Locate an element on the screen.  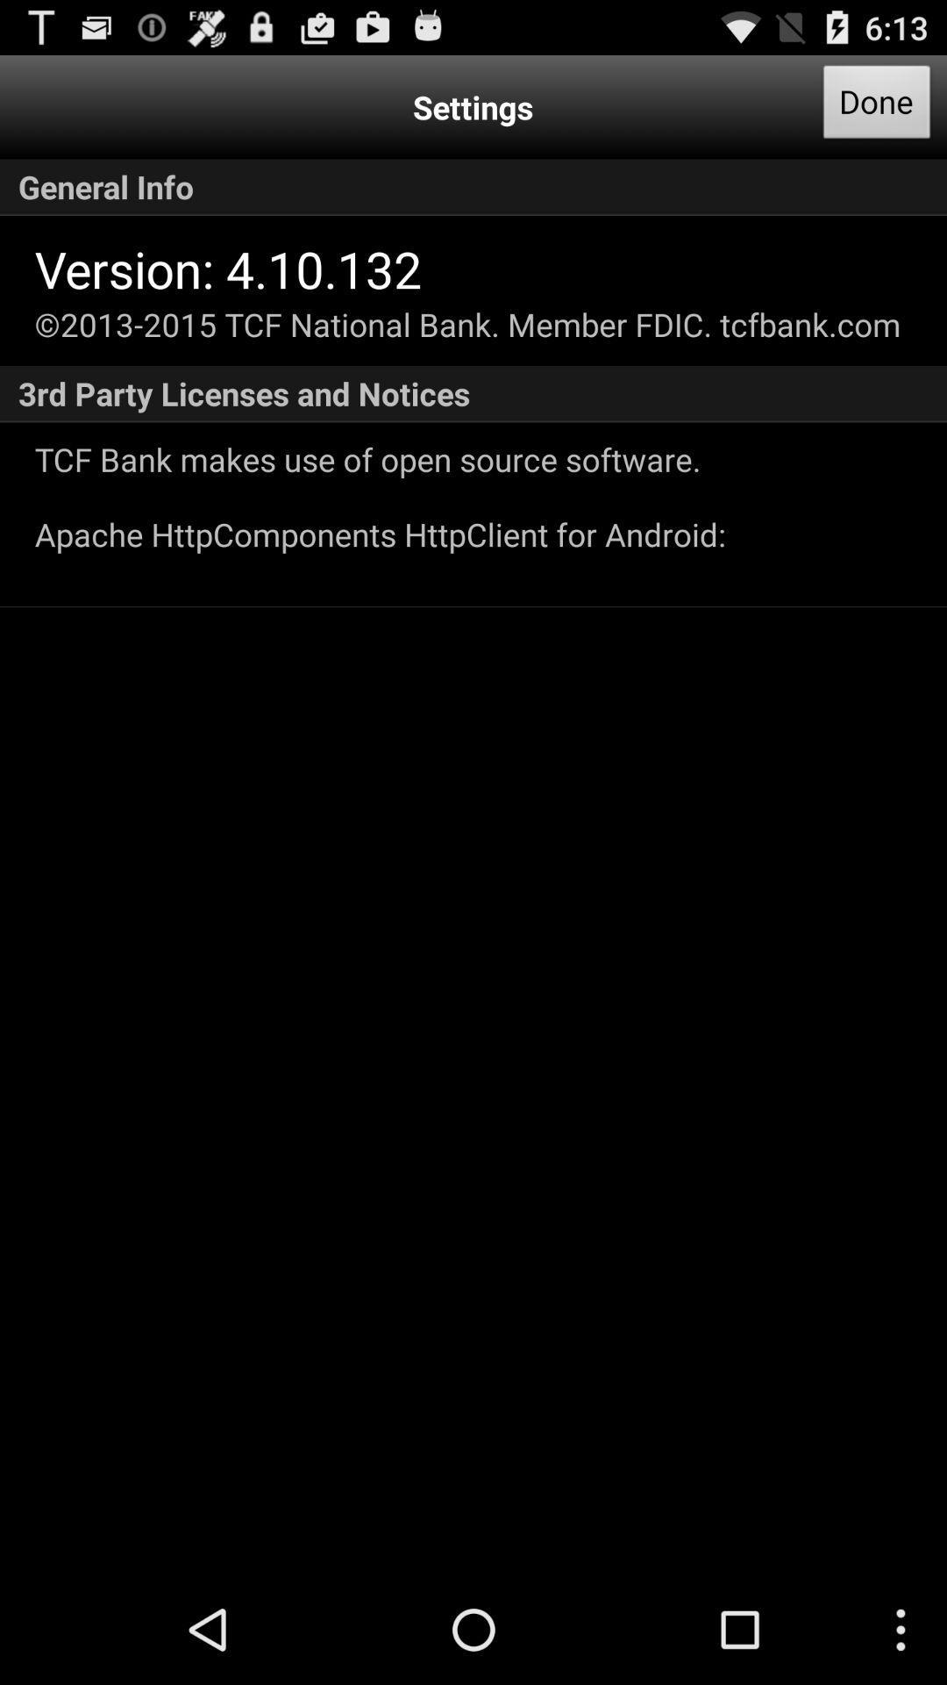
icon below general info icon is located at coordinates (227, 268).